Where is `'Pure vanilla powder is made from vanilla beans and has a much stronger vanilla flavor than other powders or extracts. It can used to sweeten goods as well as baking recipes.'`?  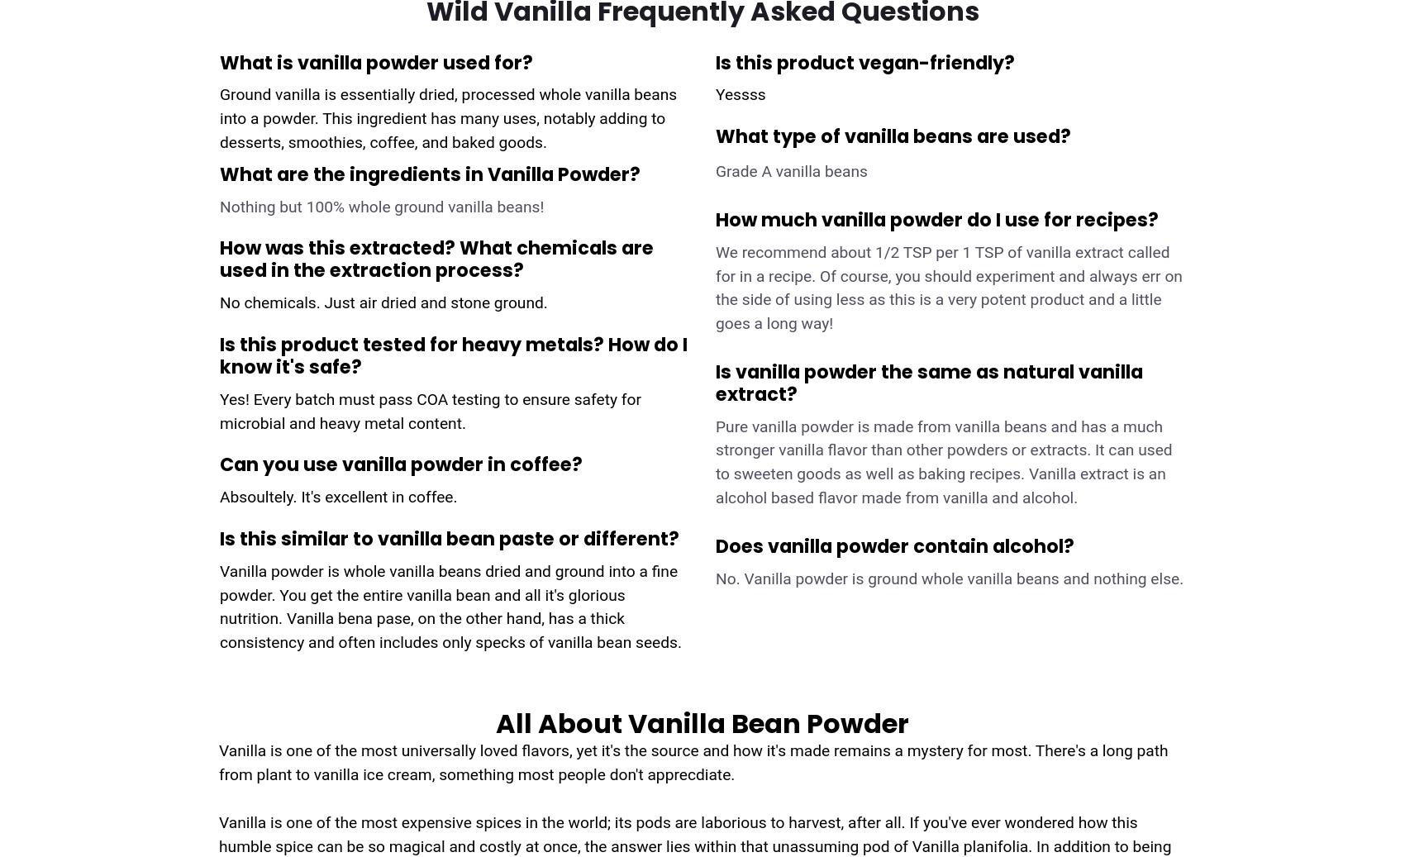
'Pure vanilla powder is made from vanilla beans and has a much stronger vanilla flavor than other powders or extracts. It can used to sweeten goods as well as baking recipes.' is located at coordinates (944, 450).